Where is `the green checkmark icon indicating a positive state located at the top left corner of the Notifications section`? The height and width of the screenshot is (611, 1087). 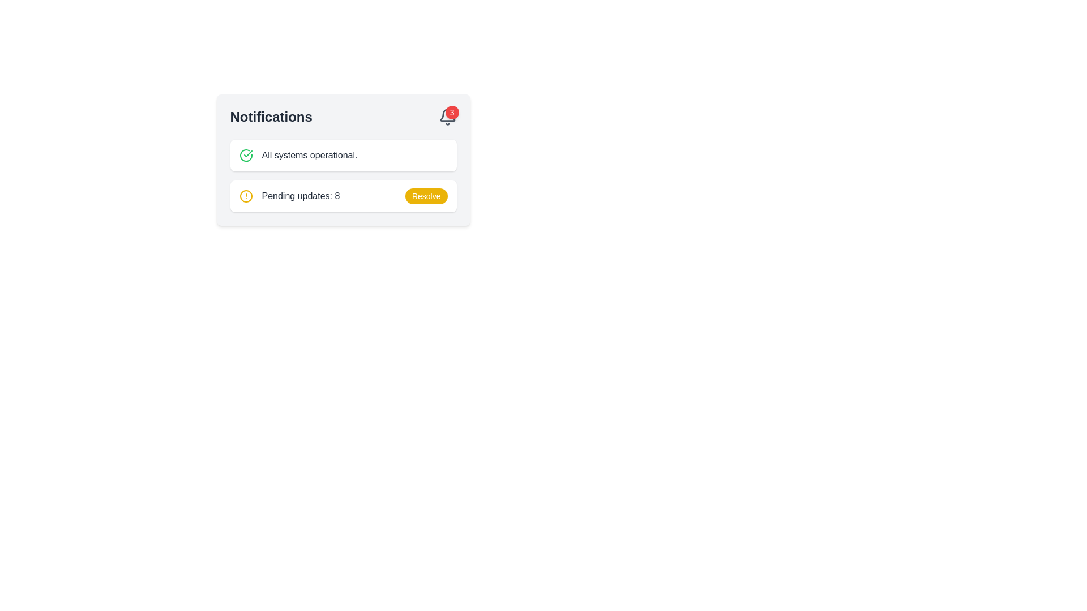
the green checkmark icon indicating a positive state located at the top left corner of the Notifications section is located at coordinates (247, 154).